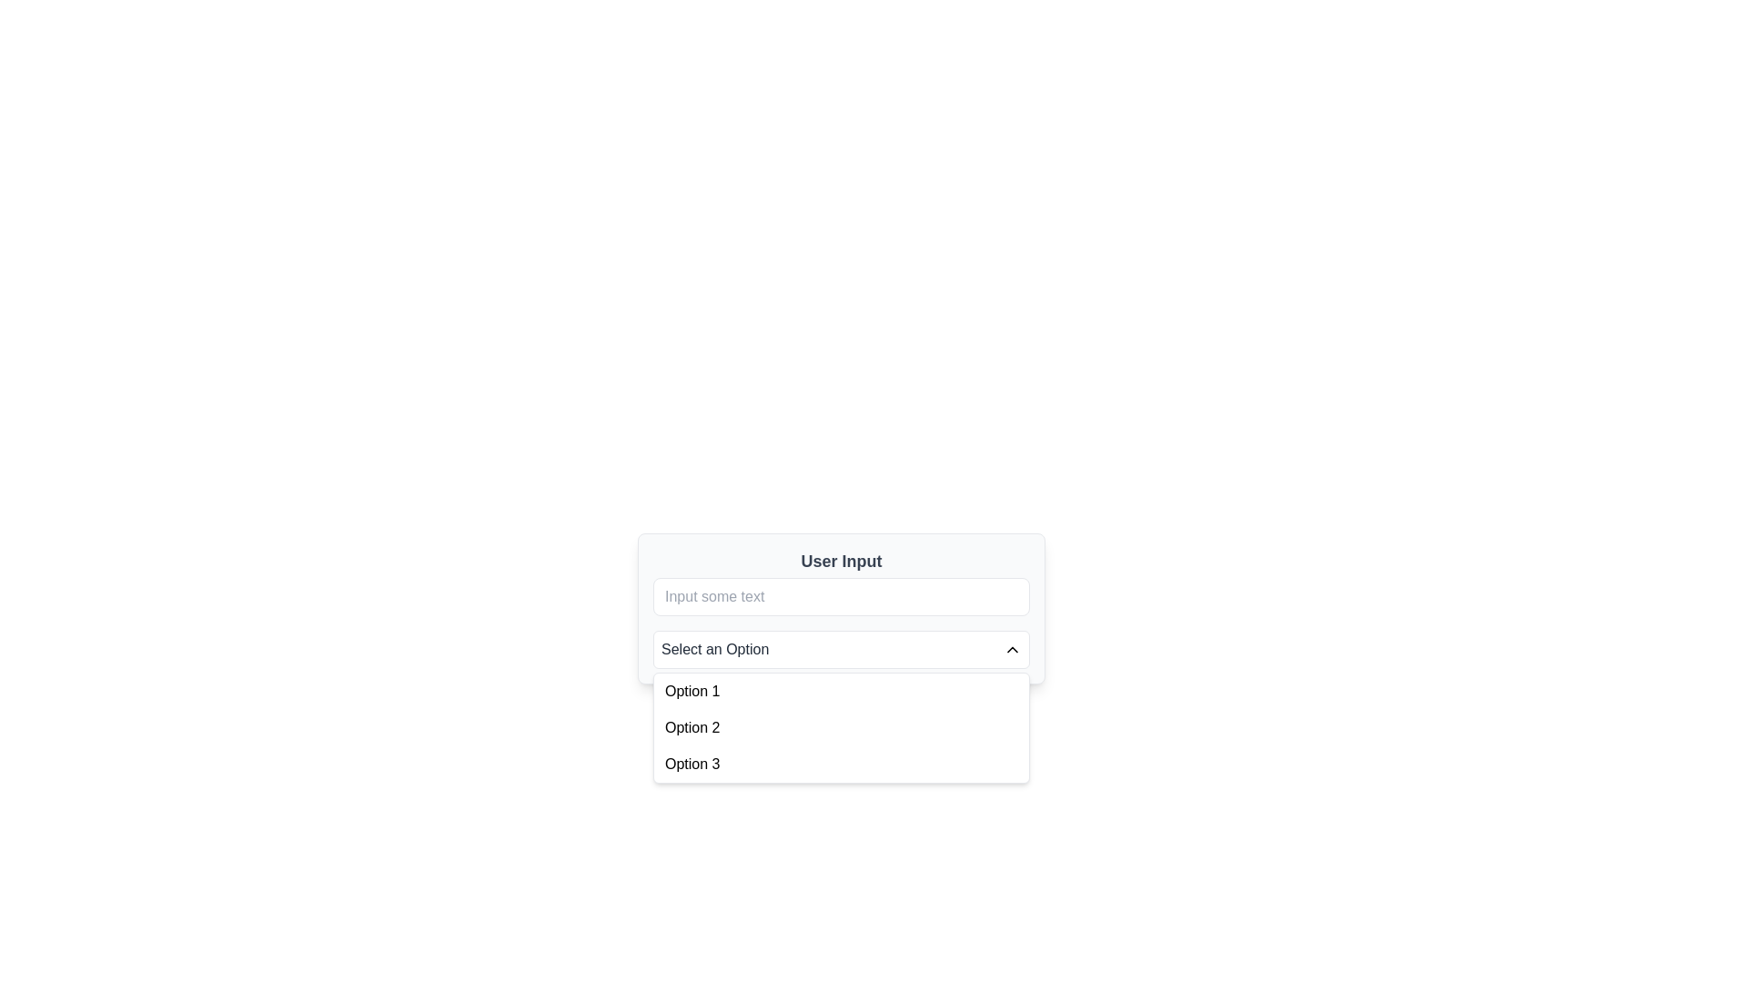 This screenshot has width=1747, height=983. Describe the element at coordinates (841, 648) in the screenshot. I see `the 'Select an Option' dropdown menu` at that location.